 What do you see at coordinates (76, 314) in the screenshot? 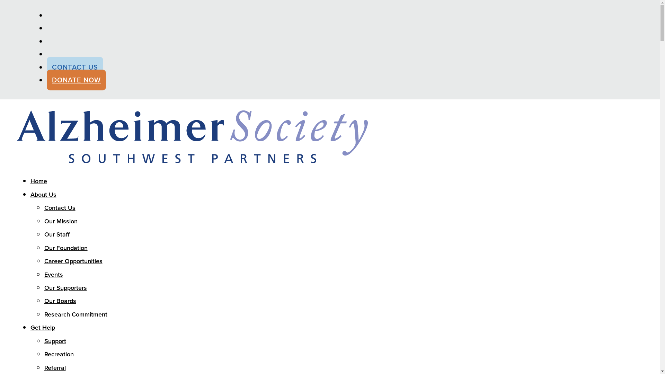
I see `'Research Commitment'` at bounding box center [76, 314].